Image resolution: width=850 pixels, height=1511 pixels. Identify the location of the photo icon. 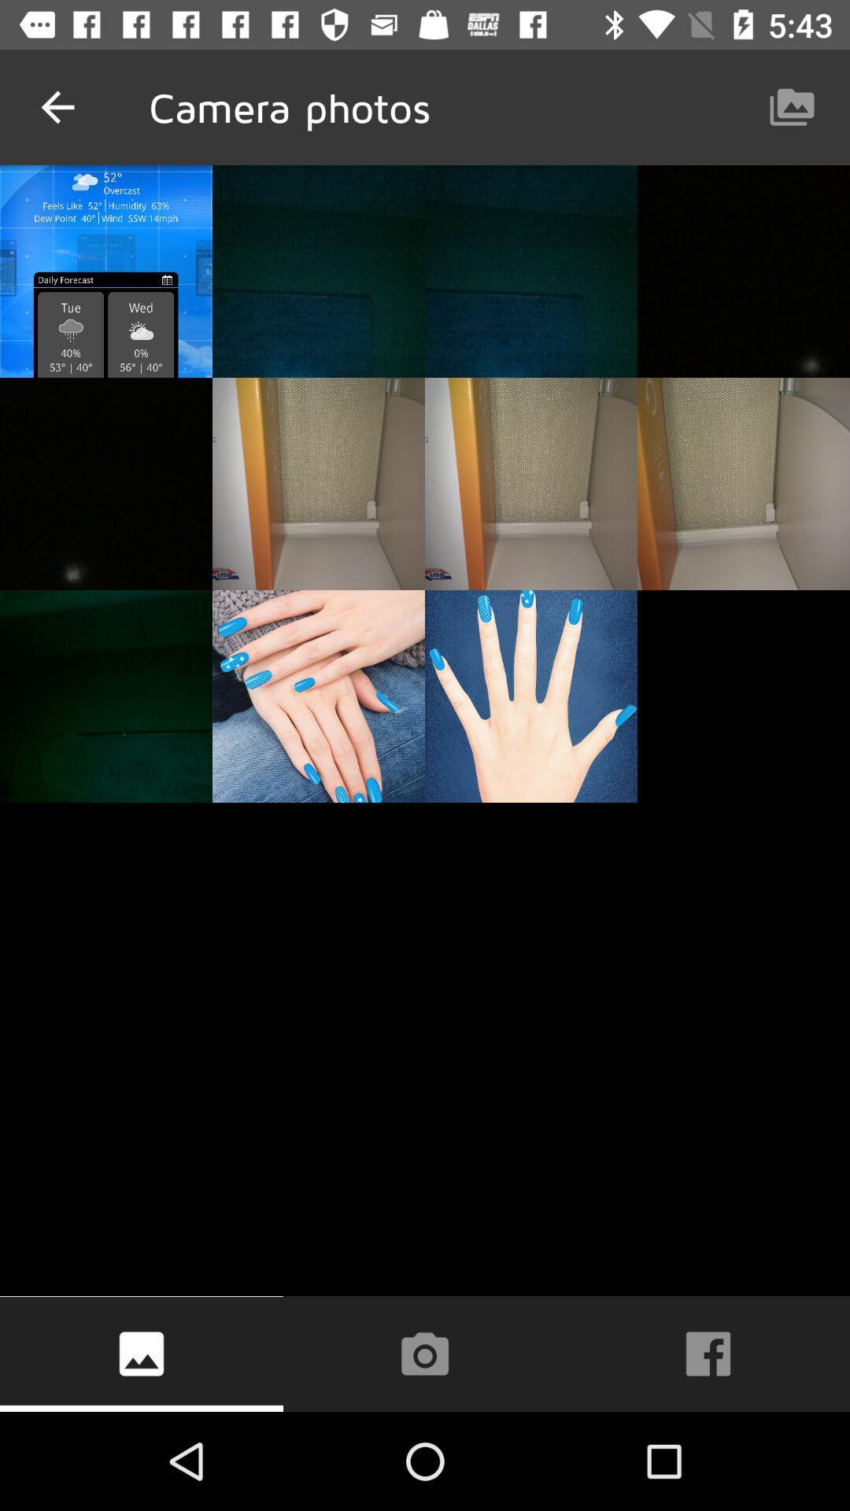
(425, 1353).